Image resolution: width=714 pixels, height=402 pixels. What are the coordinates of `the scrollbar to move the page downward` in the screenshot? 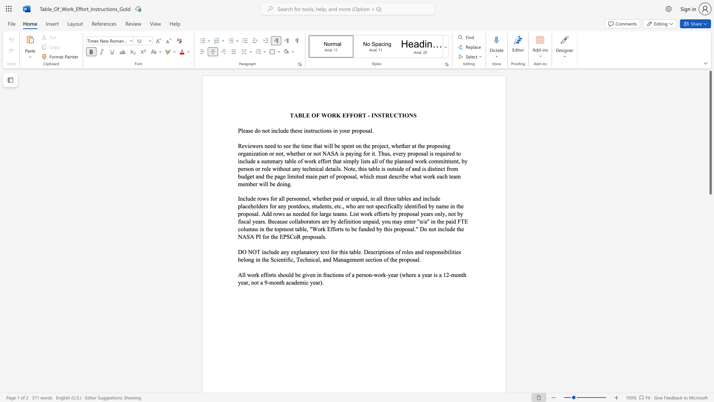 It's located at (710, 256).